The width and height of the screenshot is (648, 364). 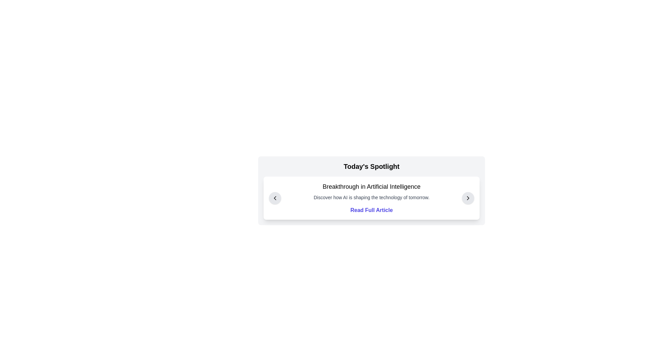 What do you see at coordinates (275, 198) in the screenshot?
I see `the 'Chevron Left' navigation arrow icon, which is a left-facing arrow within a light gray circular button` at bounding box center [275, 198].